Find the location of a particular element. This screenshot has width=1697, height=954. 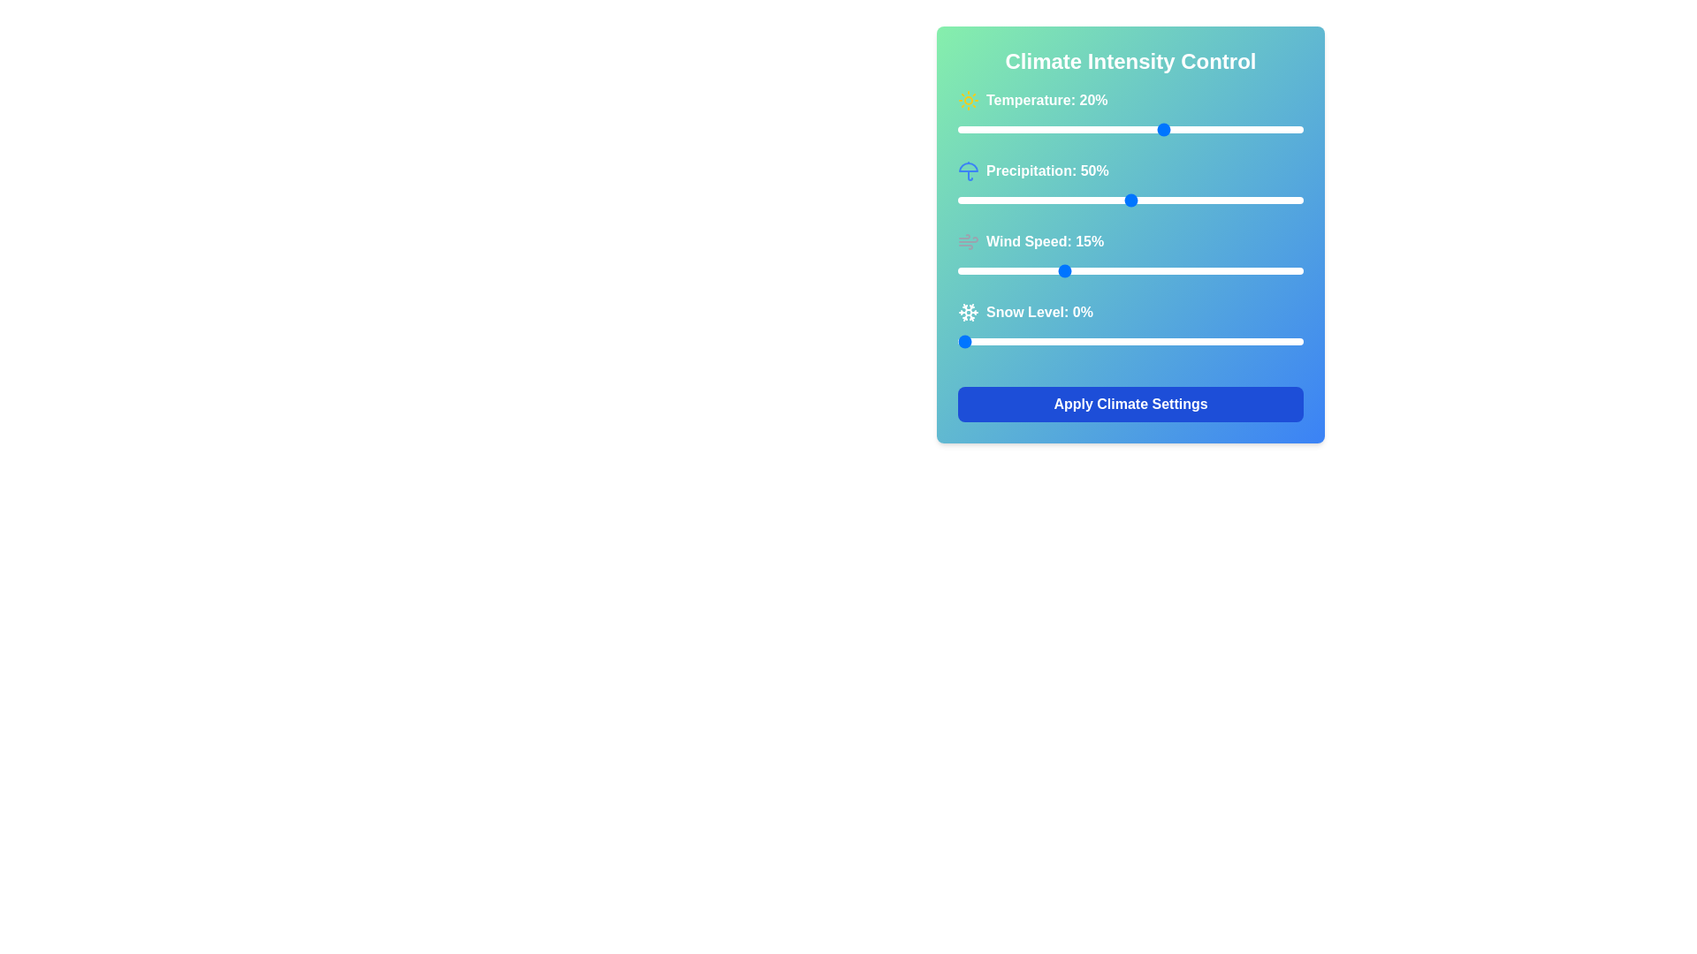

the rectangular button with a blue background and white bold text saying 'Apply Climate Settings' is located at coordinates (1130, 405).